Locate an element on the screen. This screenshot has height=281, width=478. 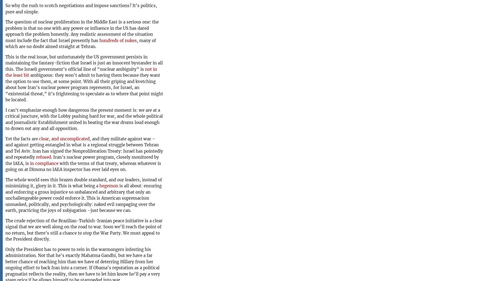
'not in the least bit' is located at coordinates (81, 72).